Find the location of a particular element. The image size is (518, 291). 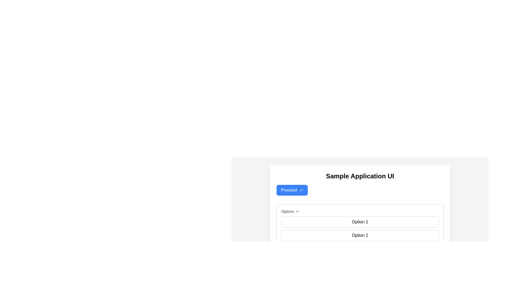

the text label displaying 'Sample Application UI', which is prominently styled in bold font and centered at the top of the panel, above the 'Proceed' button is located at coordinates (360, 176).